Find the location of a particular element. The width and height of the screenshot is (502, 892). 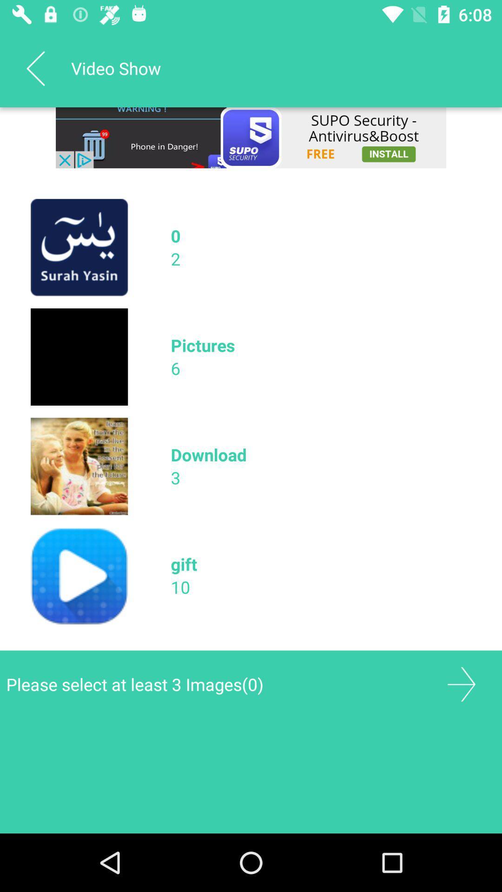

the advertisement is located at coordinates (251, 137).